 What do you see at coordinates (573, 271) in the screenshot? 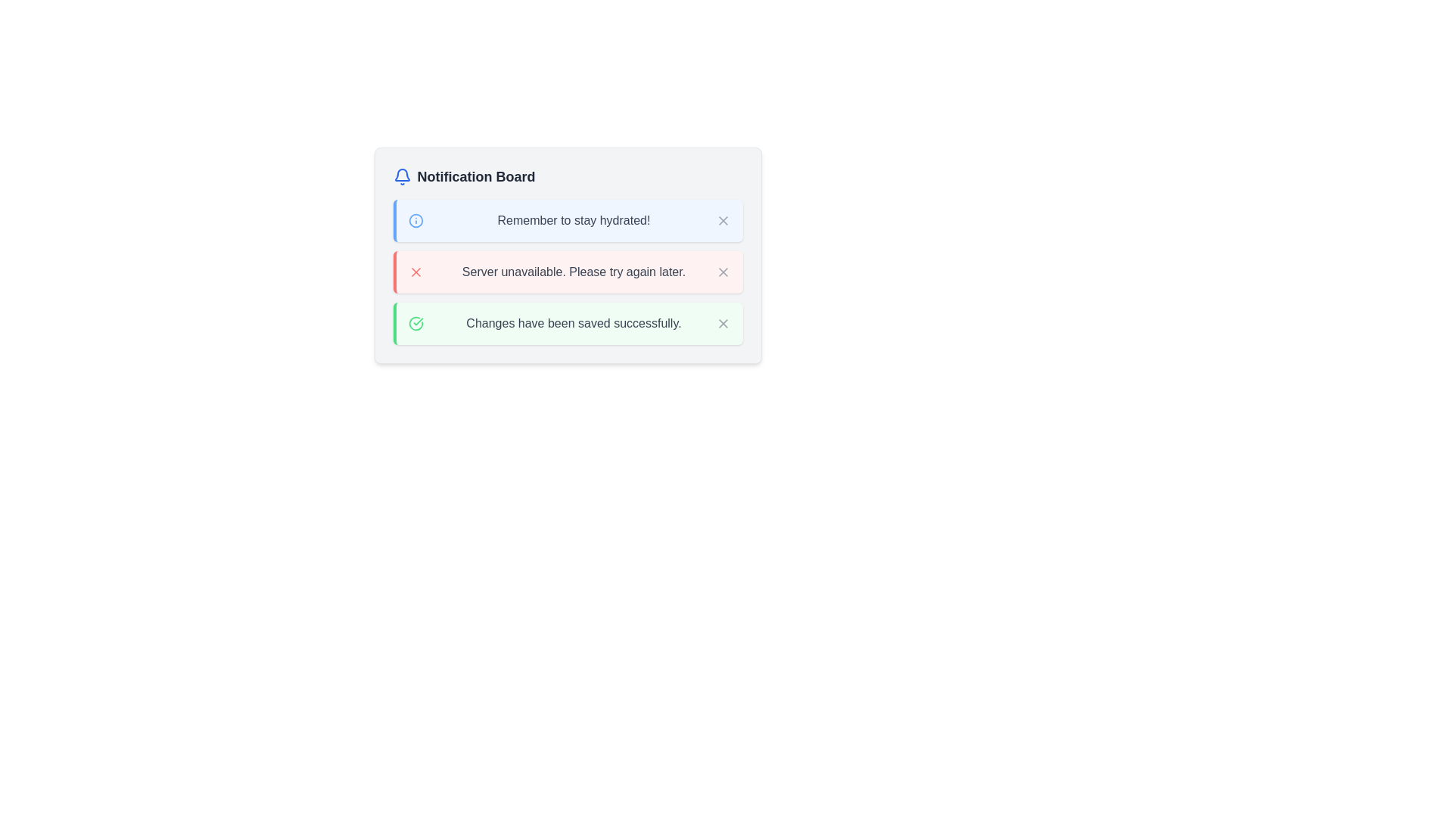
I see `the text notification displaying 'Server unavailable. Please try again later.' which is styled with a muted gray font on a light red background, located in the middle of the notification card` at bounding box center [573, 271].